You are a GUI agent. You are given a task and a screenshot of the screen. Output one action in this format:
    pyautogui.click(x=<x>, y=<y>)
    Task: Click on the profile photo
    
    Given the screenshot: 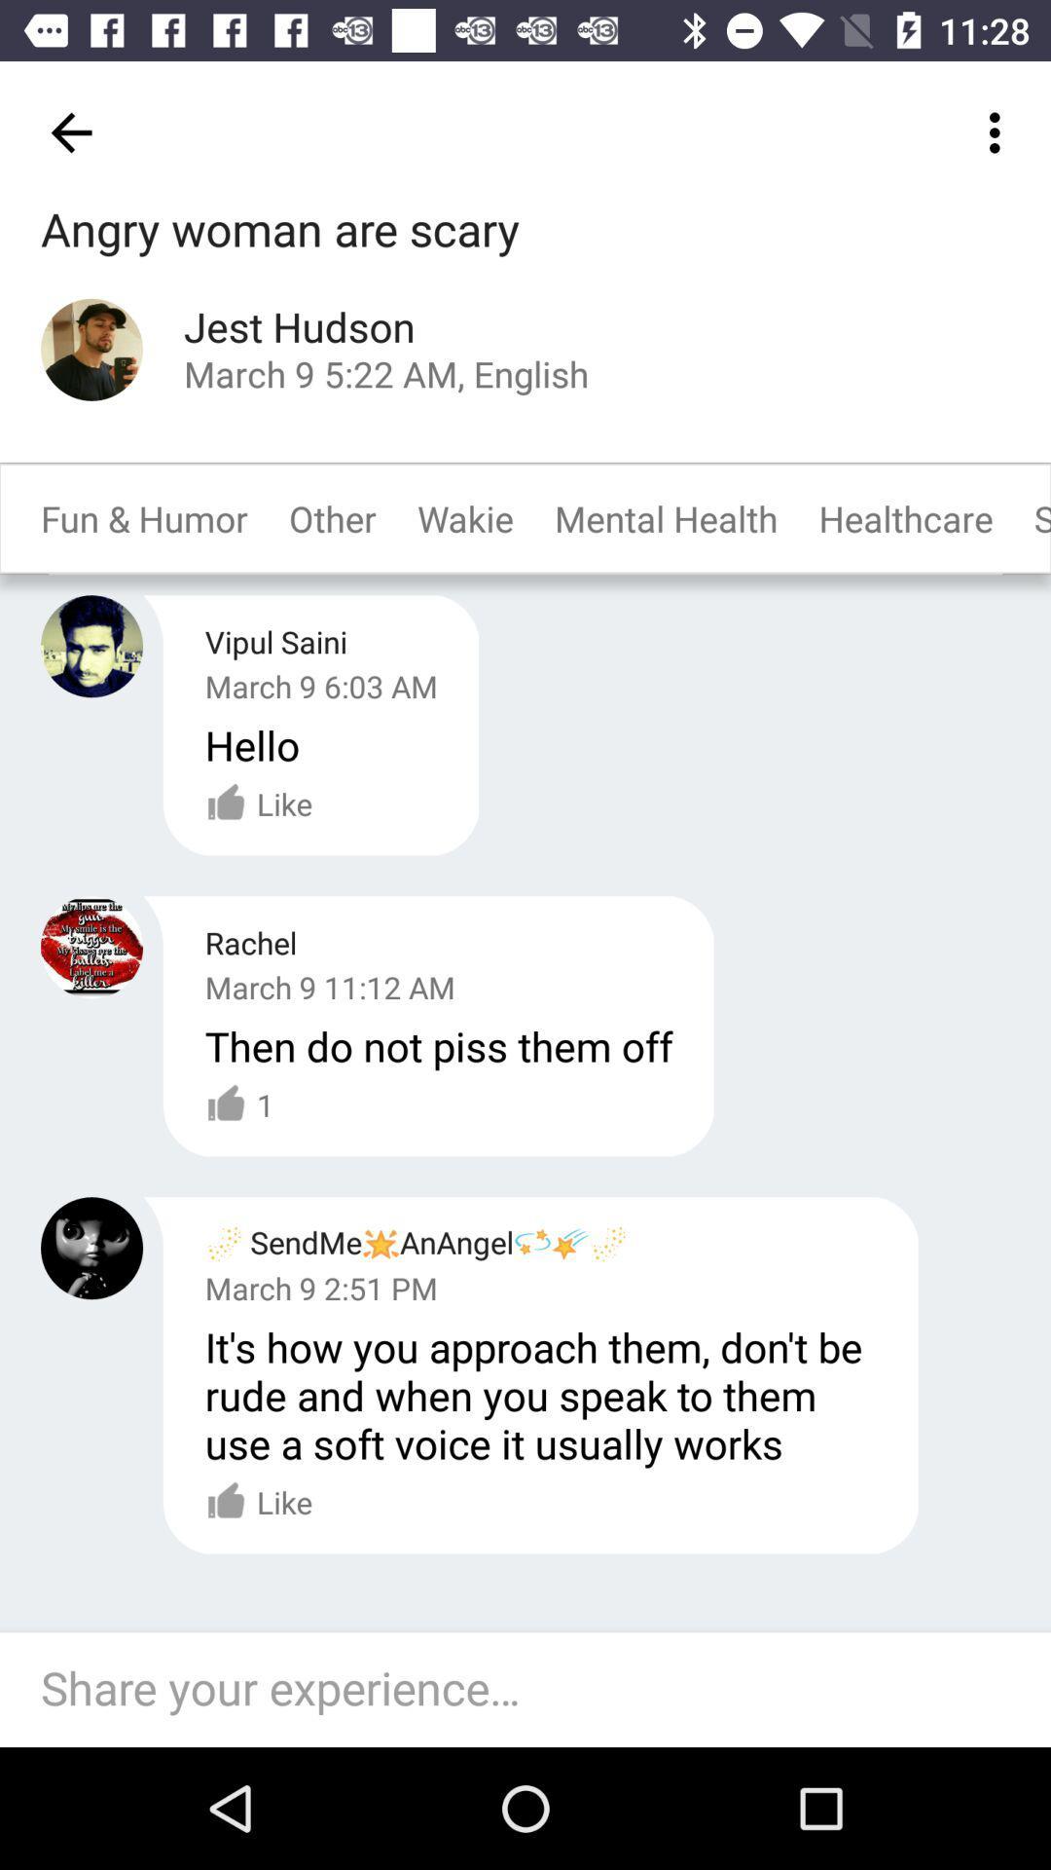 What is the action you would take?
    pyautogui.click(x=91, y=350)
    